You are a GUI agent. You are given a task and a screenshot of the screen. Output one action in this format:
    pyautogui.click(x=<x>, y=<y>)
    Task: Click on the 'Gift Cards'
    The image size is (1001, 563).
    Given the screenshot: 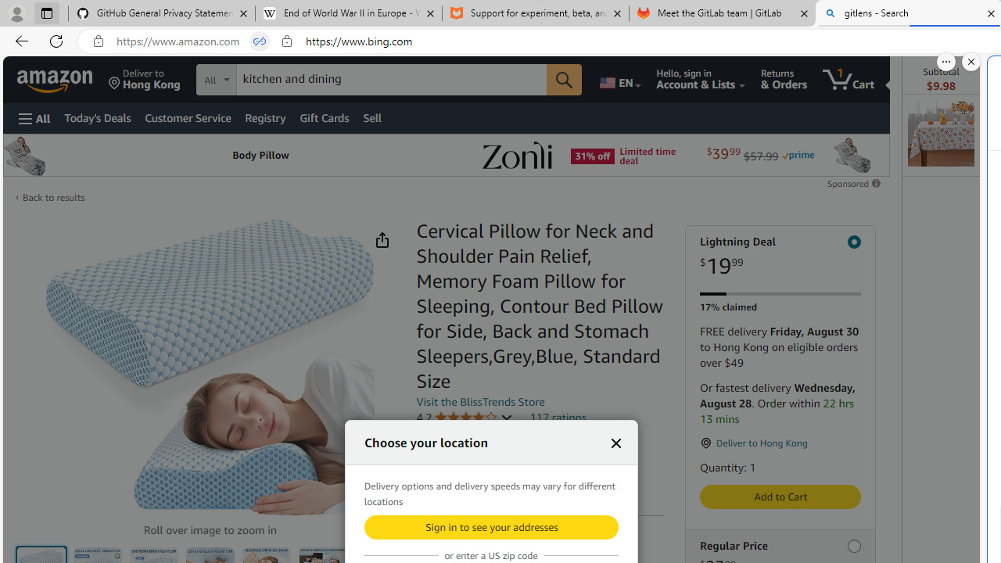 What is the action you would take?
    pyautogui.click(x=323, y=117)
    